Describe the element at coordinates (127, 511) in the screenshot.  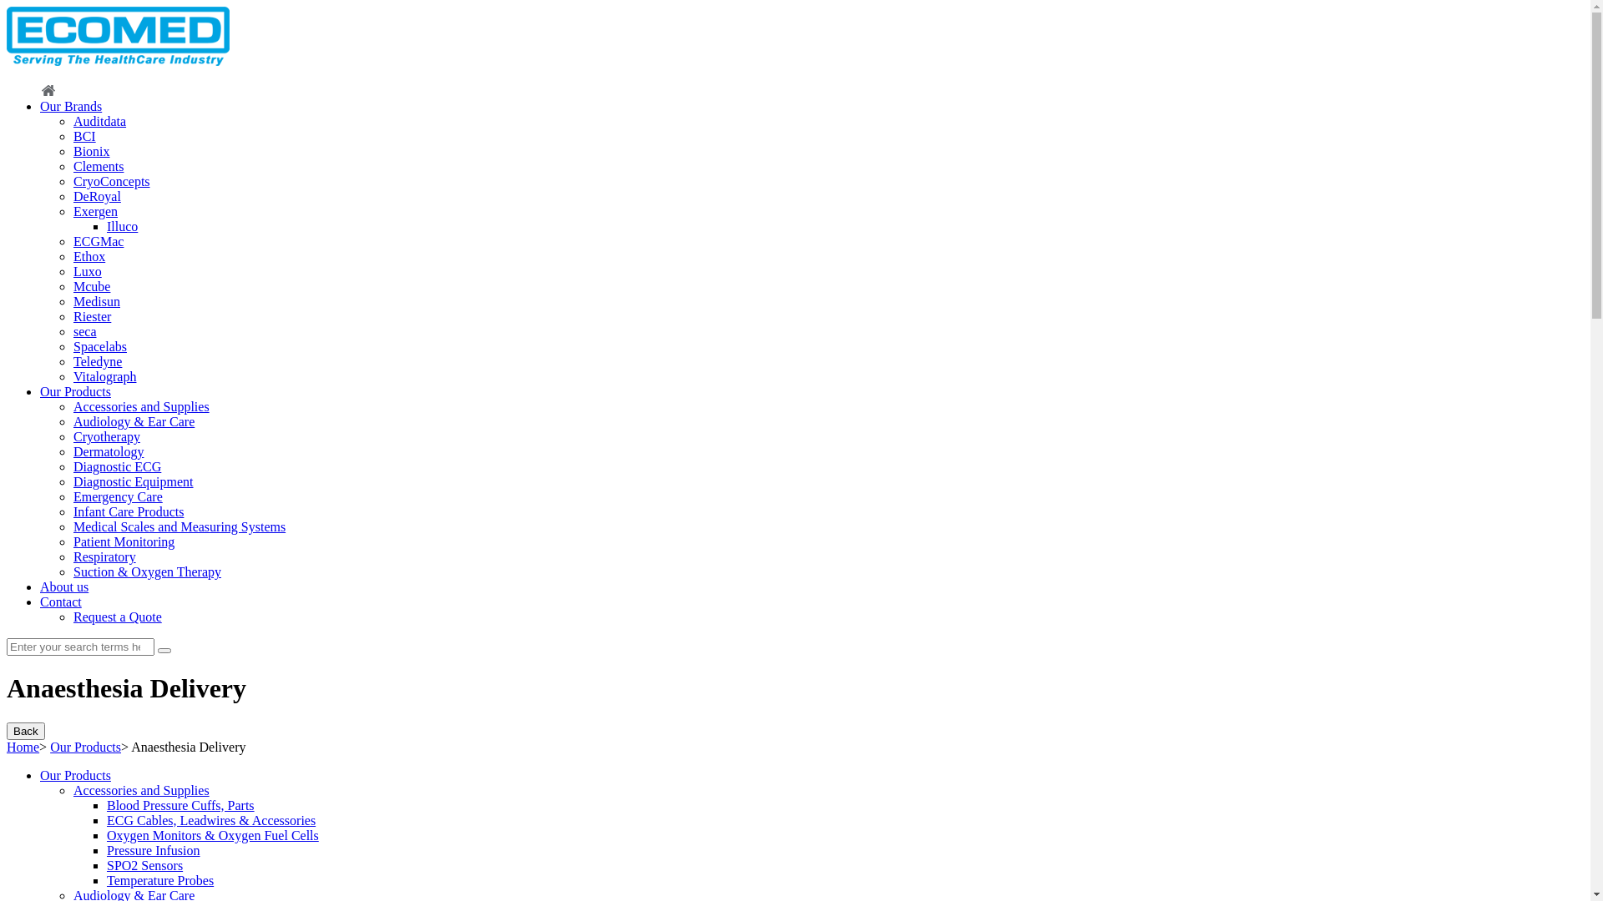
I see `'Infant Care Products'` at that location.